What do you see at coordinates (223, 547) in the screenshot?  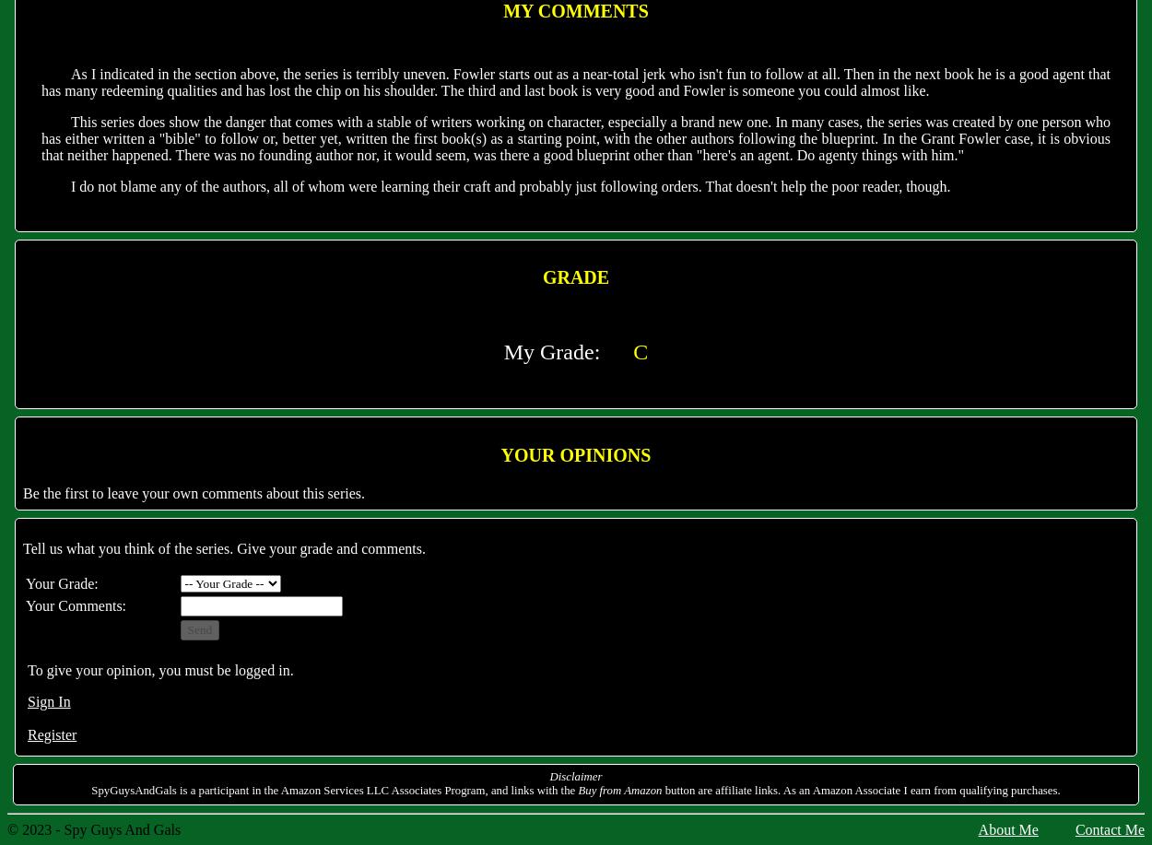 I see `'Tell us what you think of the series. Give your grade and comments.'` at bounding box center [223, 547].